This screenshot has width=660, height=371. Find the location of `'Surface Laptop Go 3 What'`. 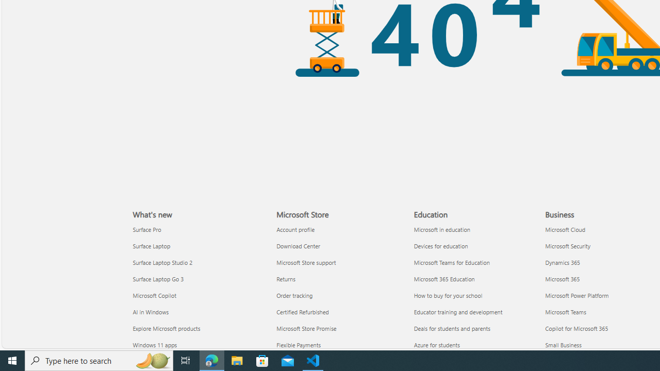

'Surface Laptop Go 3 What' is located at coordinates (158, 278).